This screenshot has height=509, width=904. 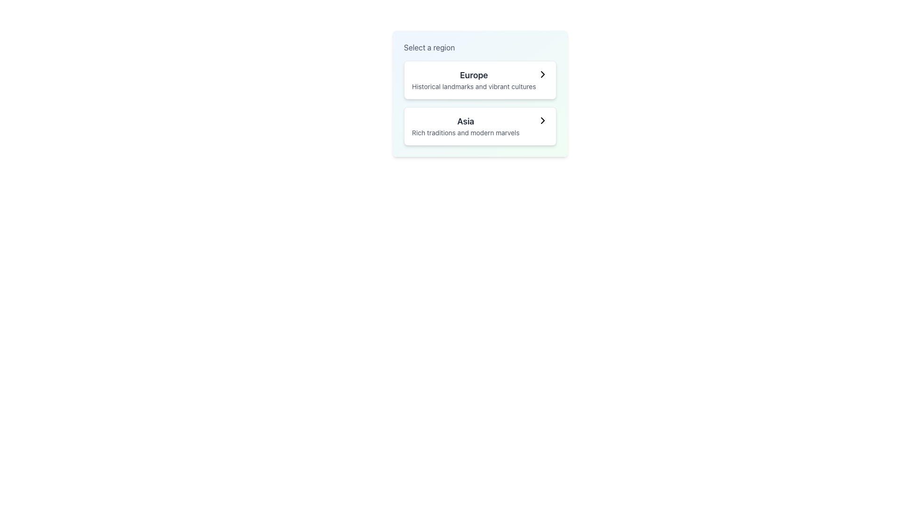 What do you see at coordinates (466, 125) in the screenshot?
I see `the 'Asia' selectable list item, which is the second option in the list under 'Select a region'` at bounding box center [466, 125].